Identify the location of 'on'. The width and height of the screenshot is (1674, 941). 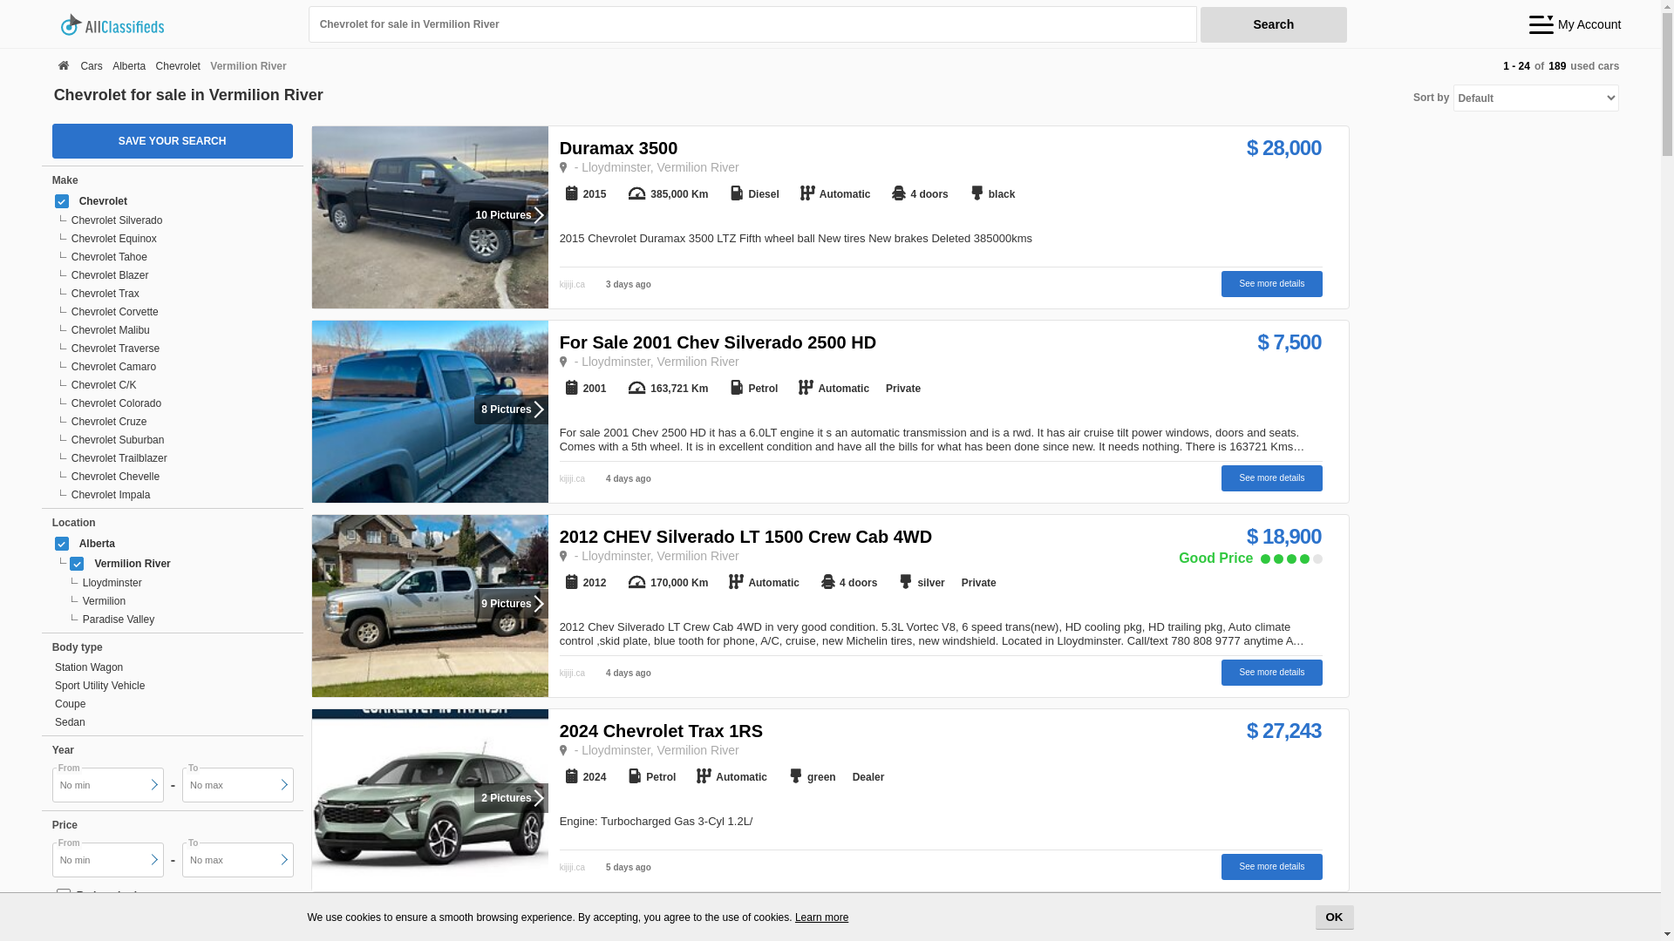
(75, 564).